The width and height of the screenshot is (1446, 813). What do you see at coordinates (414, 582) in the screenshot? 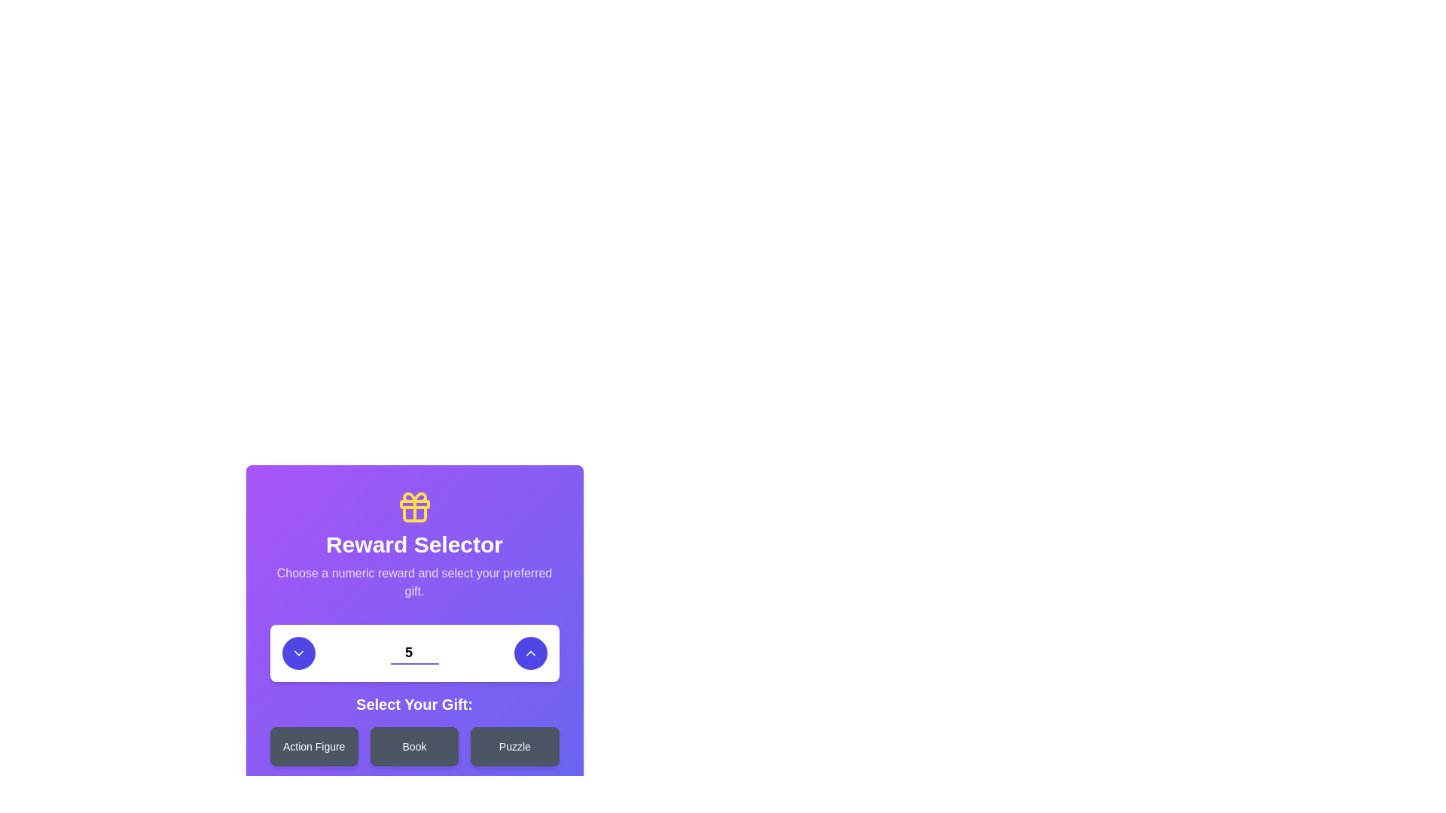
I see `the instructional text element located below the title 'Reward Selector', which provides guidance about the purpose of the widget and sits centrally aligned above the numeric input field and gift selection options` at bounding box center [414, 582].